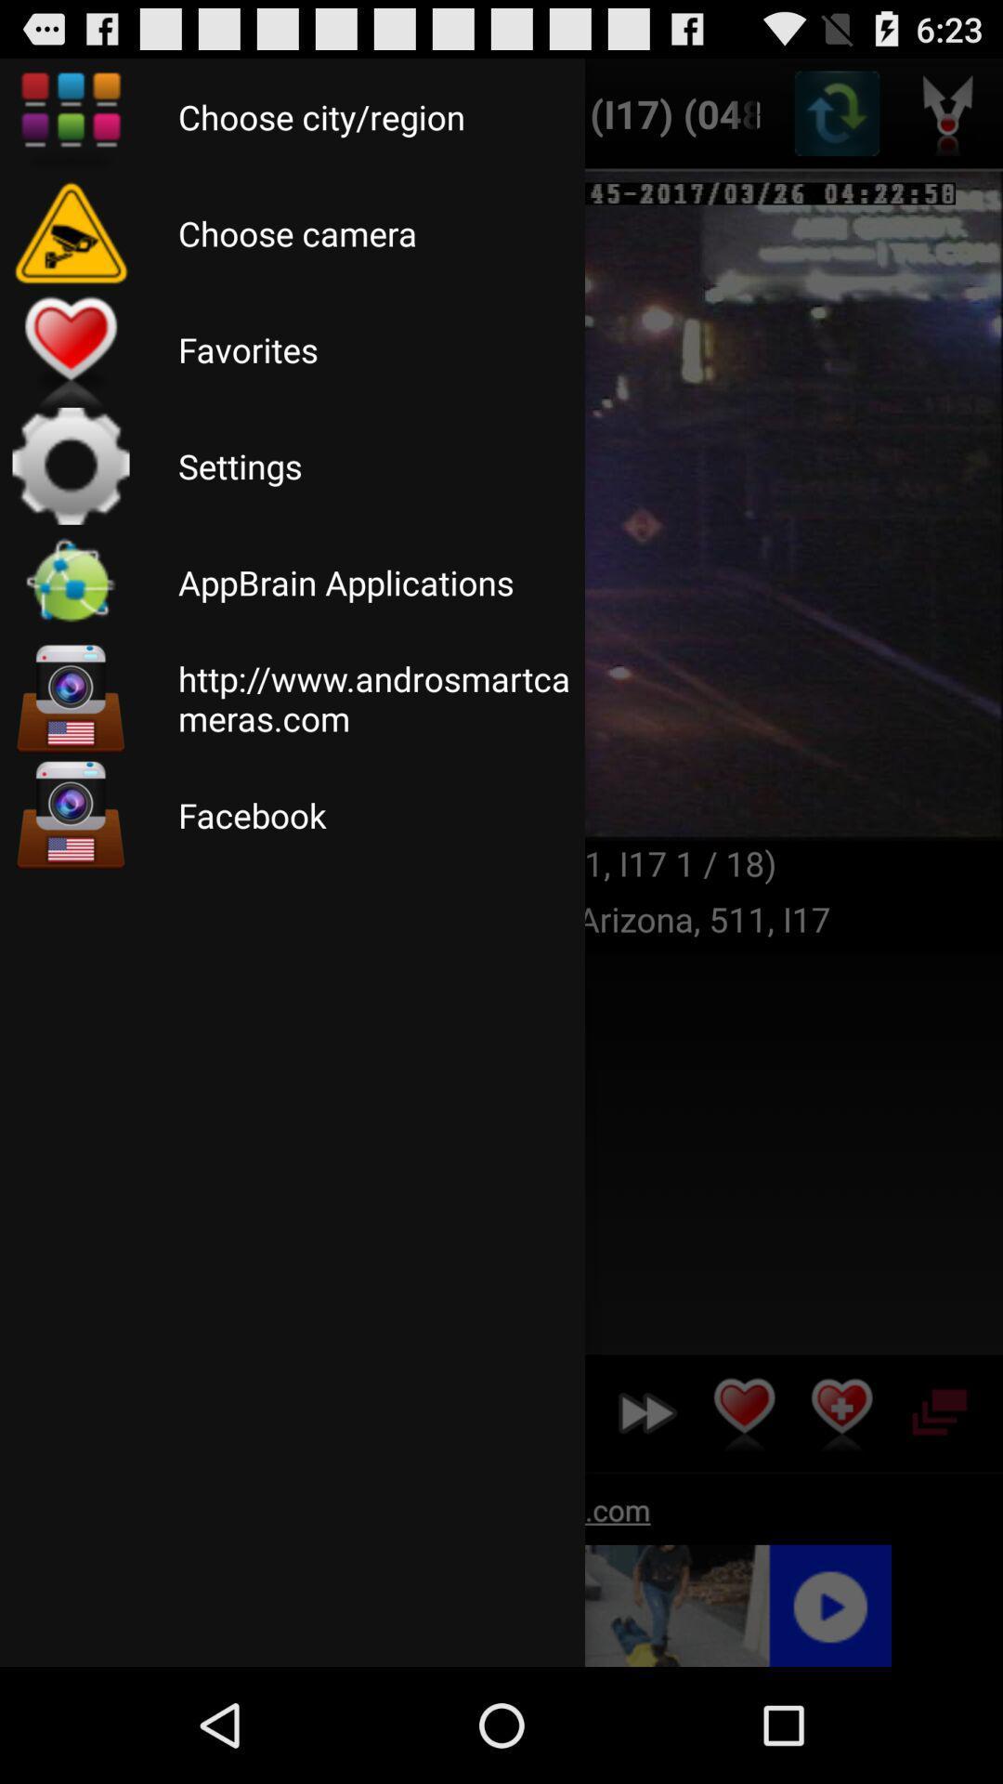 The height and width of the screenshot is (1784, 1003). What do you see at coordinates (841, 1512) in the screenshot?
I see `the favorite icon` at bounding box center [841, 1512].